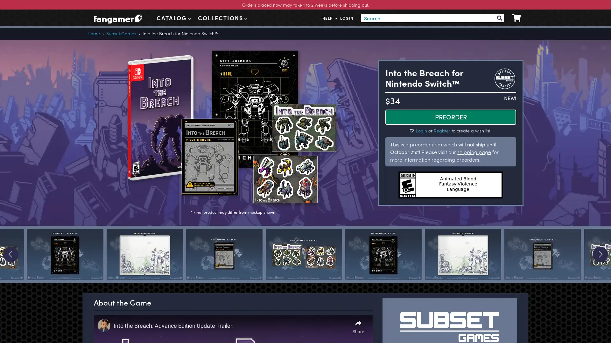  What do you see at coordinates (600, 254) in the screenshot?
I see `Next slide` at bounding box center [600, 254].